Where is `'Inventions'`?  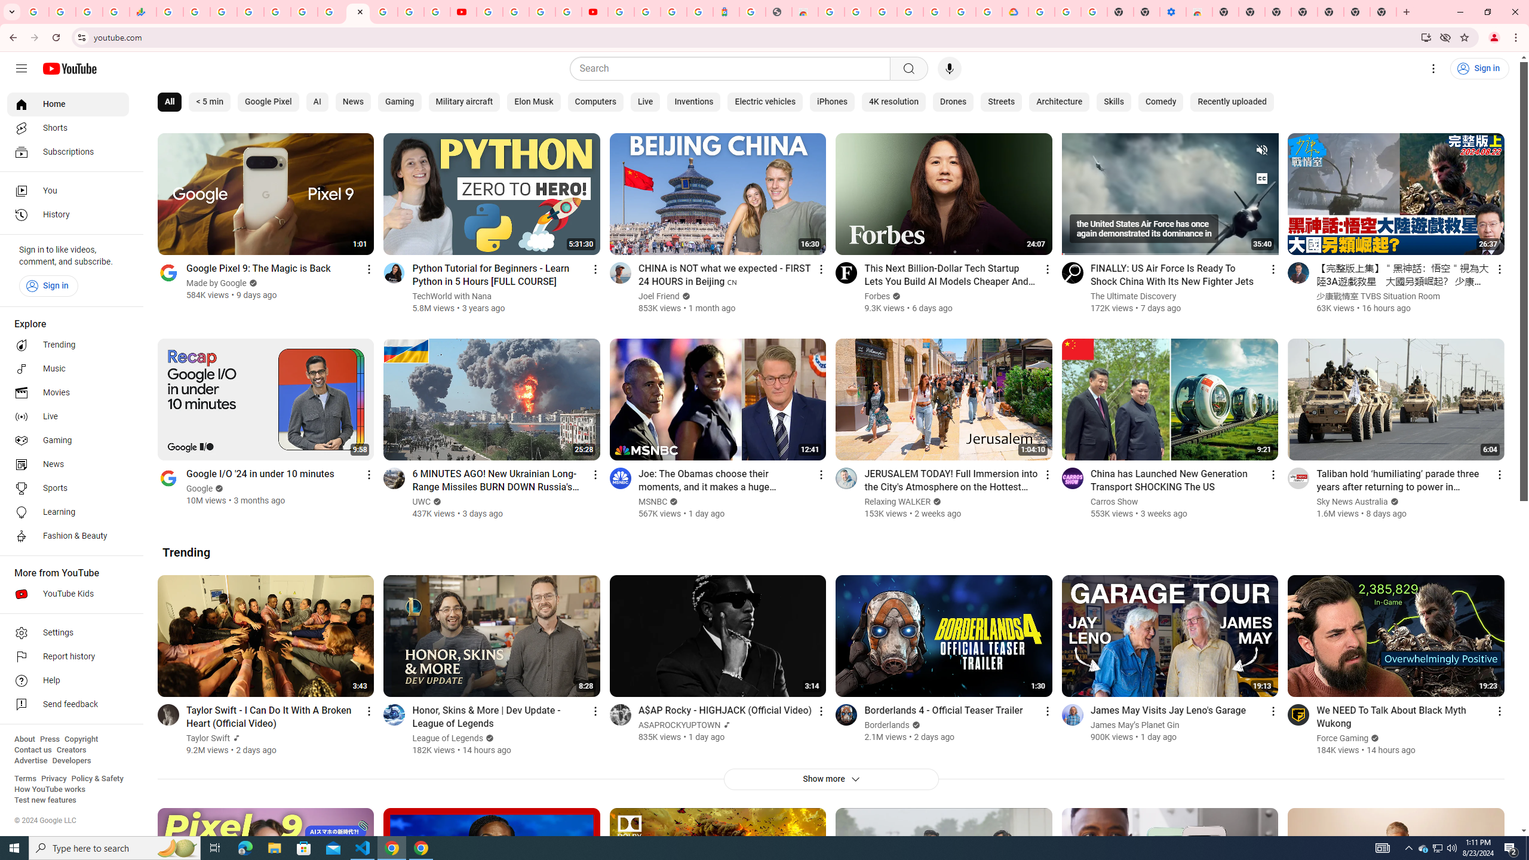 'Inventions' is located at coordinates (692, 102).